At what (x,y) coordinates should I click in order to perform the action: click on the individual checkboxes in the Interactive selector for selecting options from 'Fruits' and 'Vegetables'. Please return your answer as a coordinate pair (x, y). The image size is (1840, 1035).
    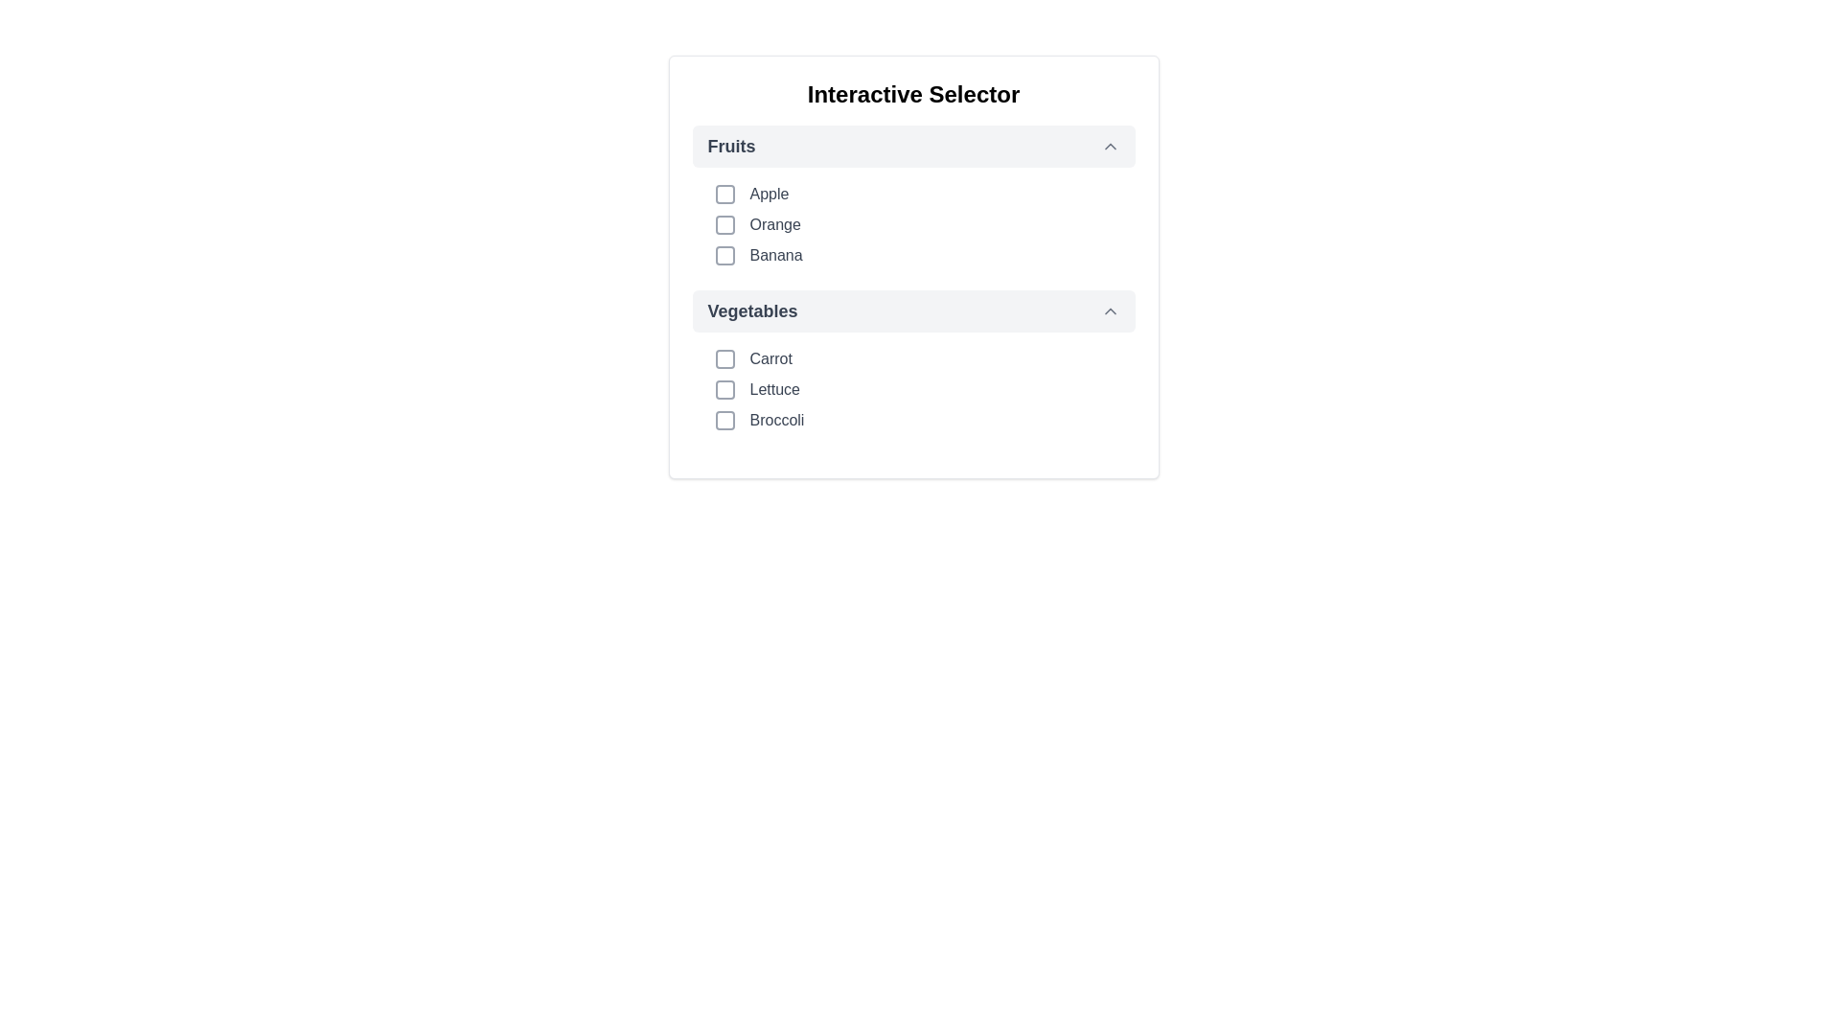
    Looking at the image, I should click on (912, 266).